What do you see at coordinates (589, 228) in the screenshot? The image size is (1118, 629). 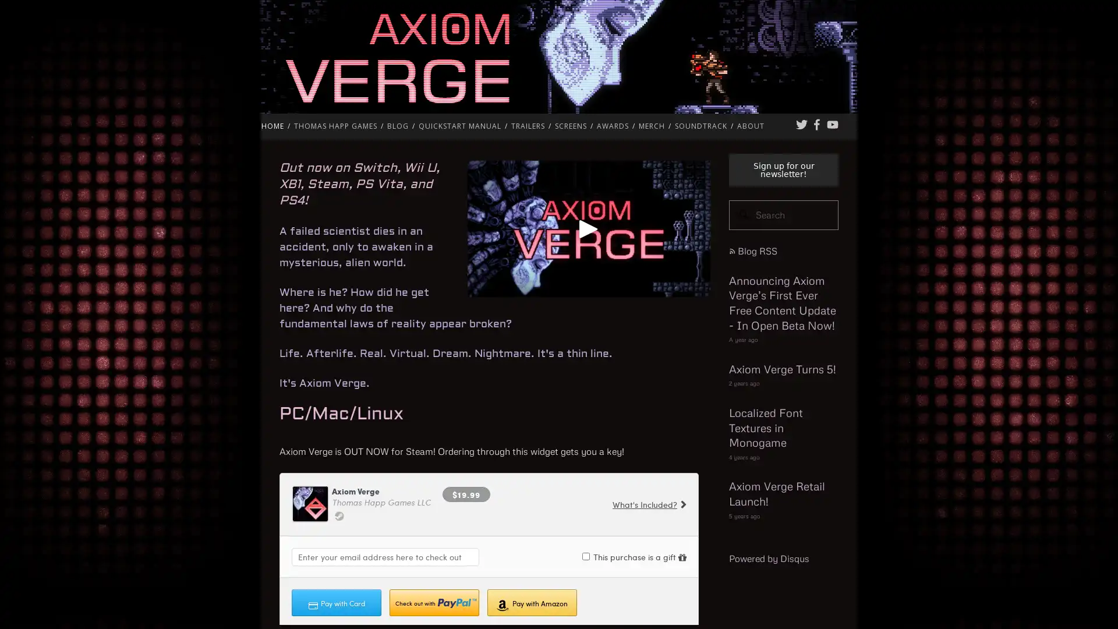 I see `Play` at bounding box center [589, 228].